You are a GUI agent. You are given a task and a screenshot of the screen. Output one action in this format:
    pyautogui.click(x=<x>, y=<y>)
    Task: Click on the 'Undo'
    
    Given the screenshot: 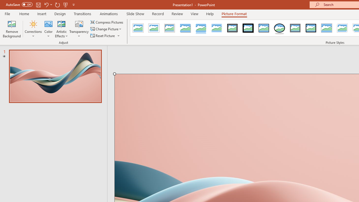 What is the action you would take?
    pyautogui.click(x=48, y=4)
    